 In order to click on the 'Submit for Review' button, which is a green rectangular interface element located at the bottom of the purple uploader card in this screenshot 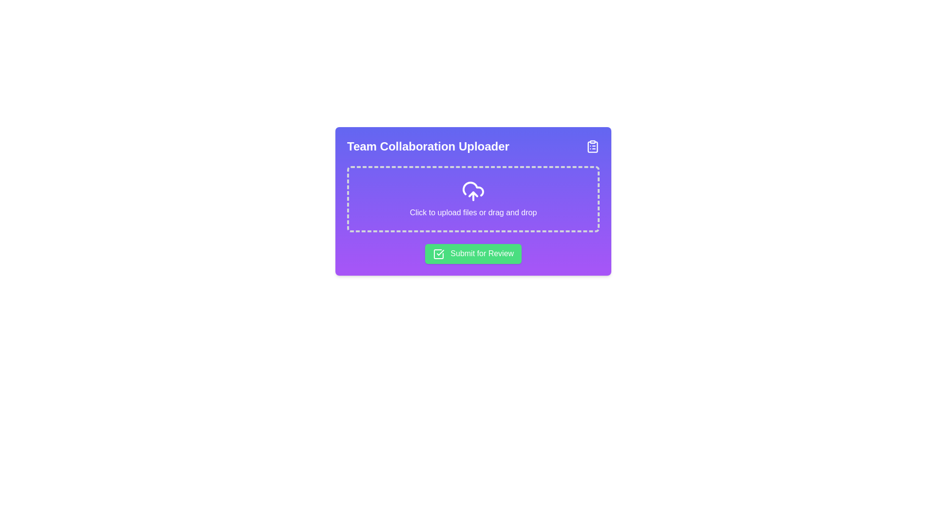, I will do `click(438, 253)`.